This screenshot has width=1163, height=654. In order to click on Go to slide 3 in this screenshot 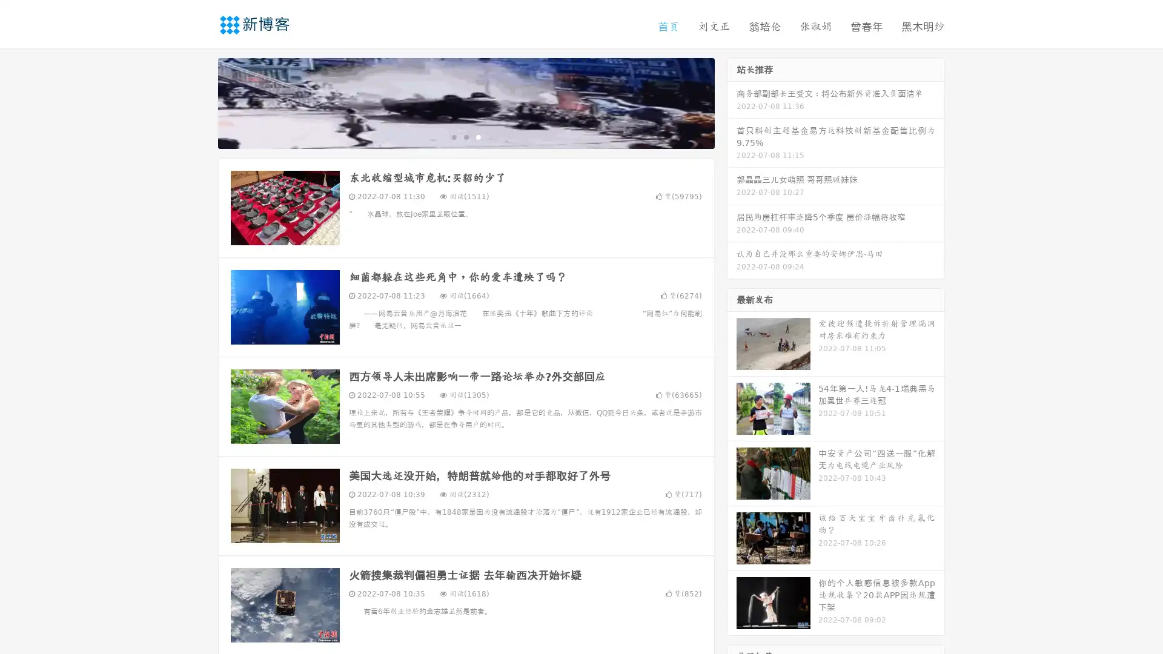, I will do `click(478, 136)`.